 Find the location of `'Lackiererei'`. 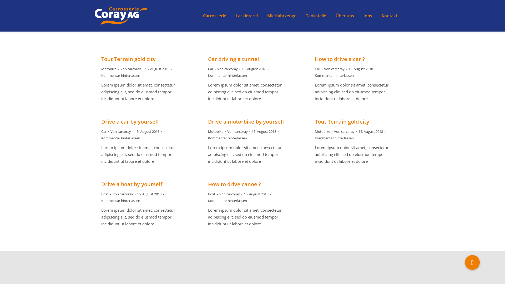

'Lackiererei' is located at coordinates (246, 16).